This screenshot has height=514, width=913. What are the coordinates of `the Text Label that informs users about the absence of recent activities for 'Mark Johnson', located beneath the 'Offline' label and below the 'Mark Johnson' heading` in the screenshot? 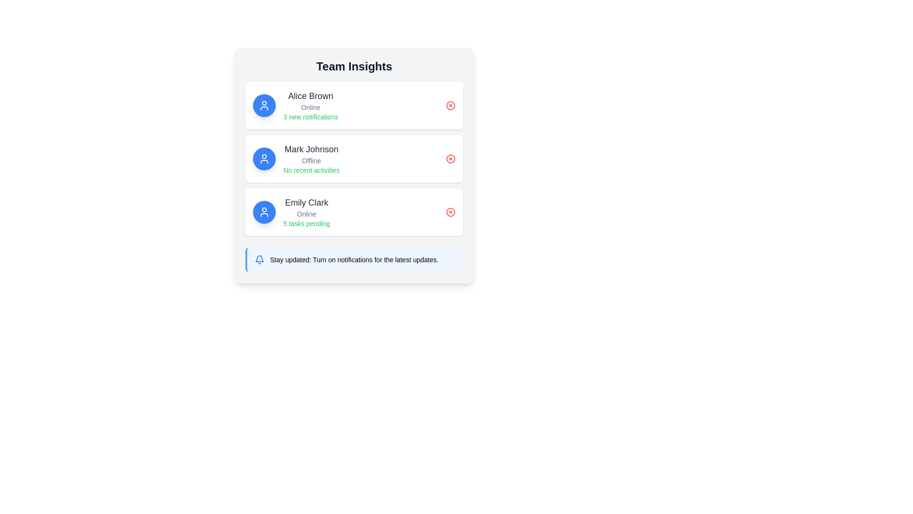 It's located at (311, 170).